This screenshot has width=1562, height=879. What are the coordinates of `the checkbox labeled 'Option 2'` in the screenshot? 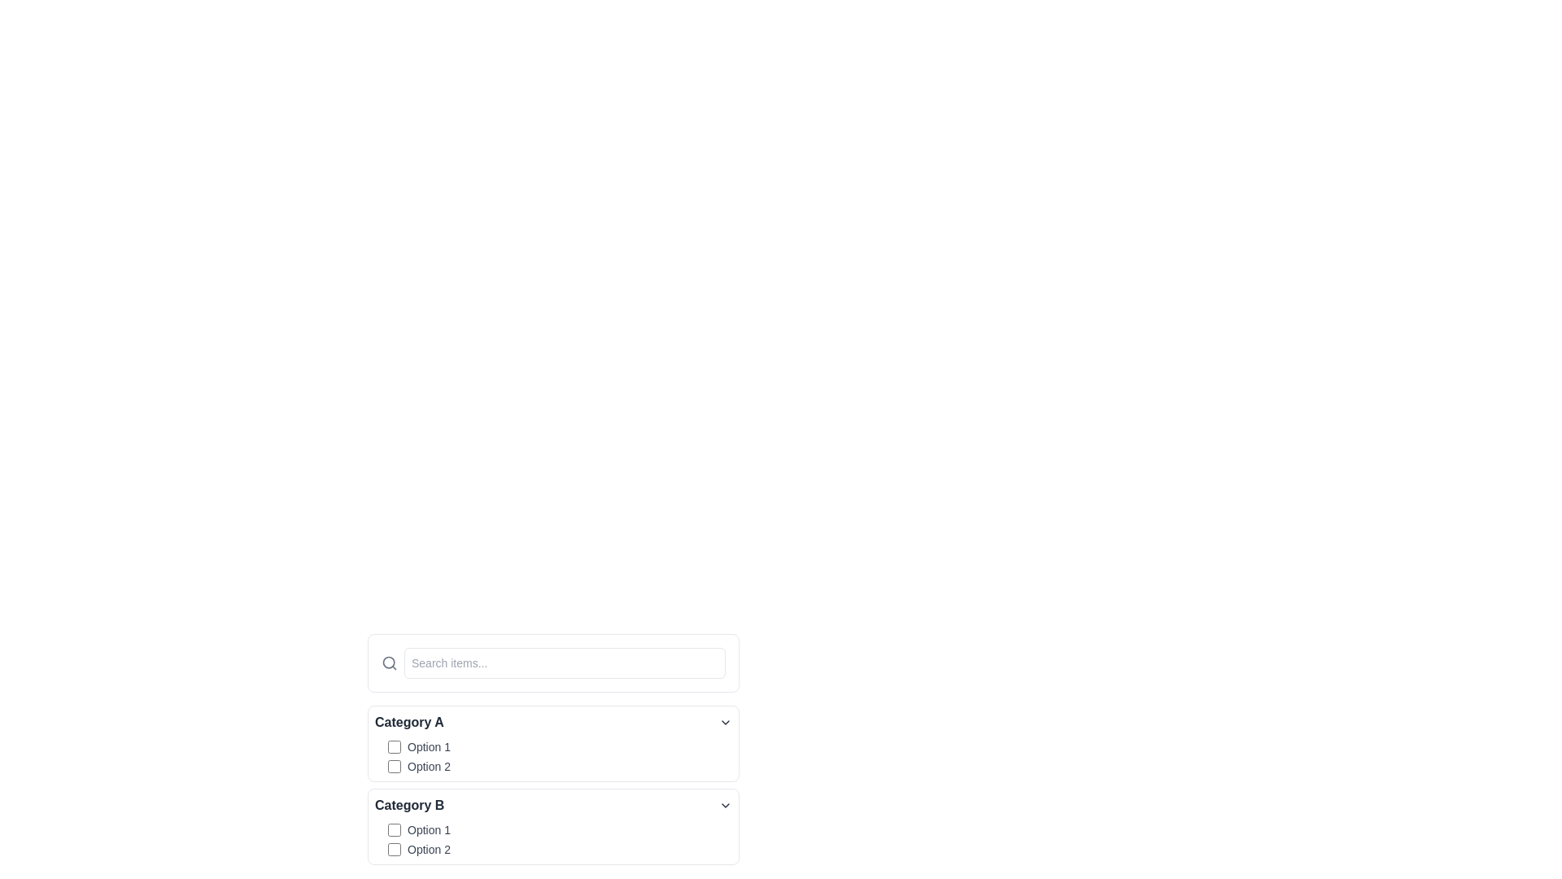 It's located at (560, 766).